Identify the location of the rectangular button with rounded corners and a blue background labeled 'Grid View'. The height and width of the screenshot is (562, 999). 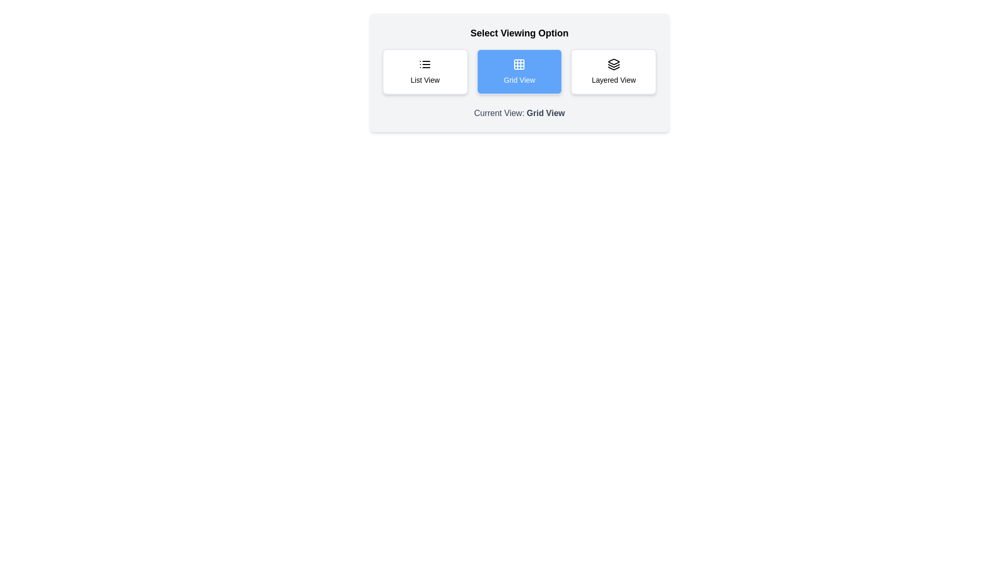
(519, 71).